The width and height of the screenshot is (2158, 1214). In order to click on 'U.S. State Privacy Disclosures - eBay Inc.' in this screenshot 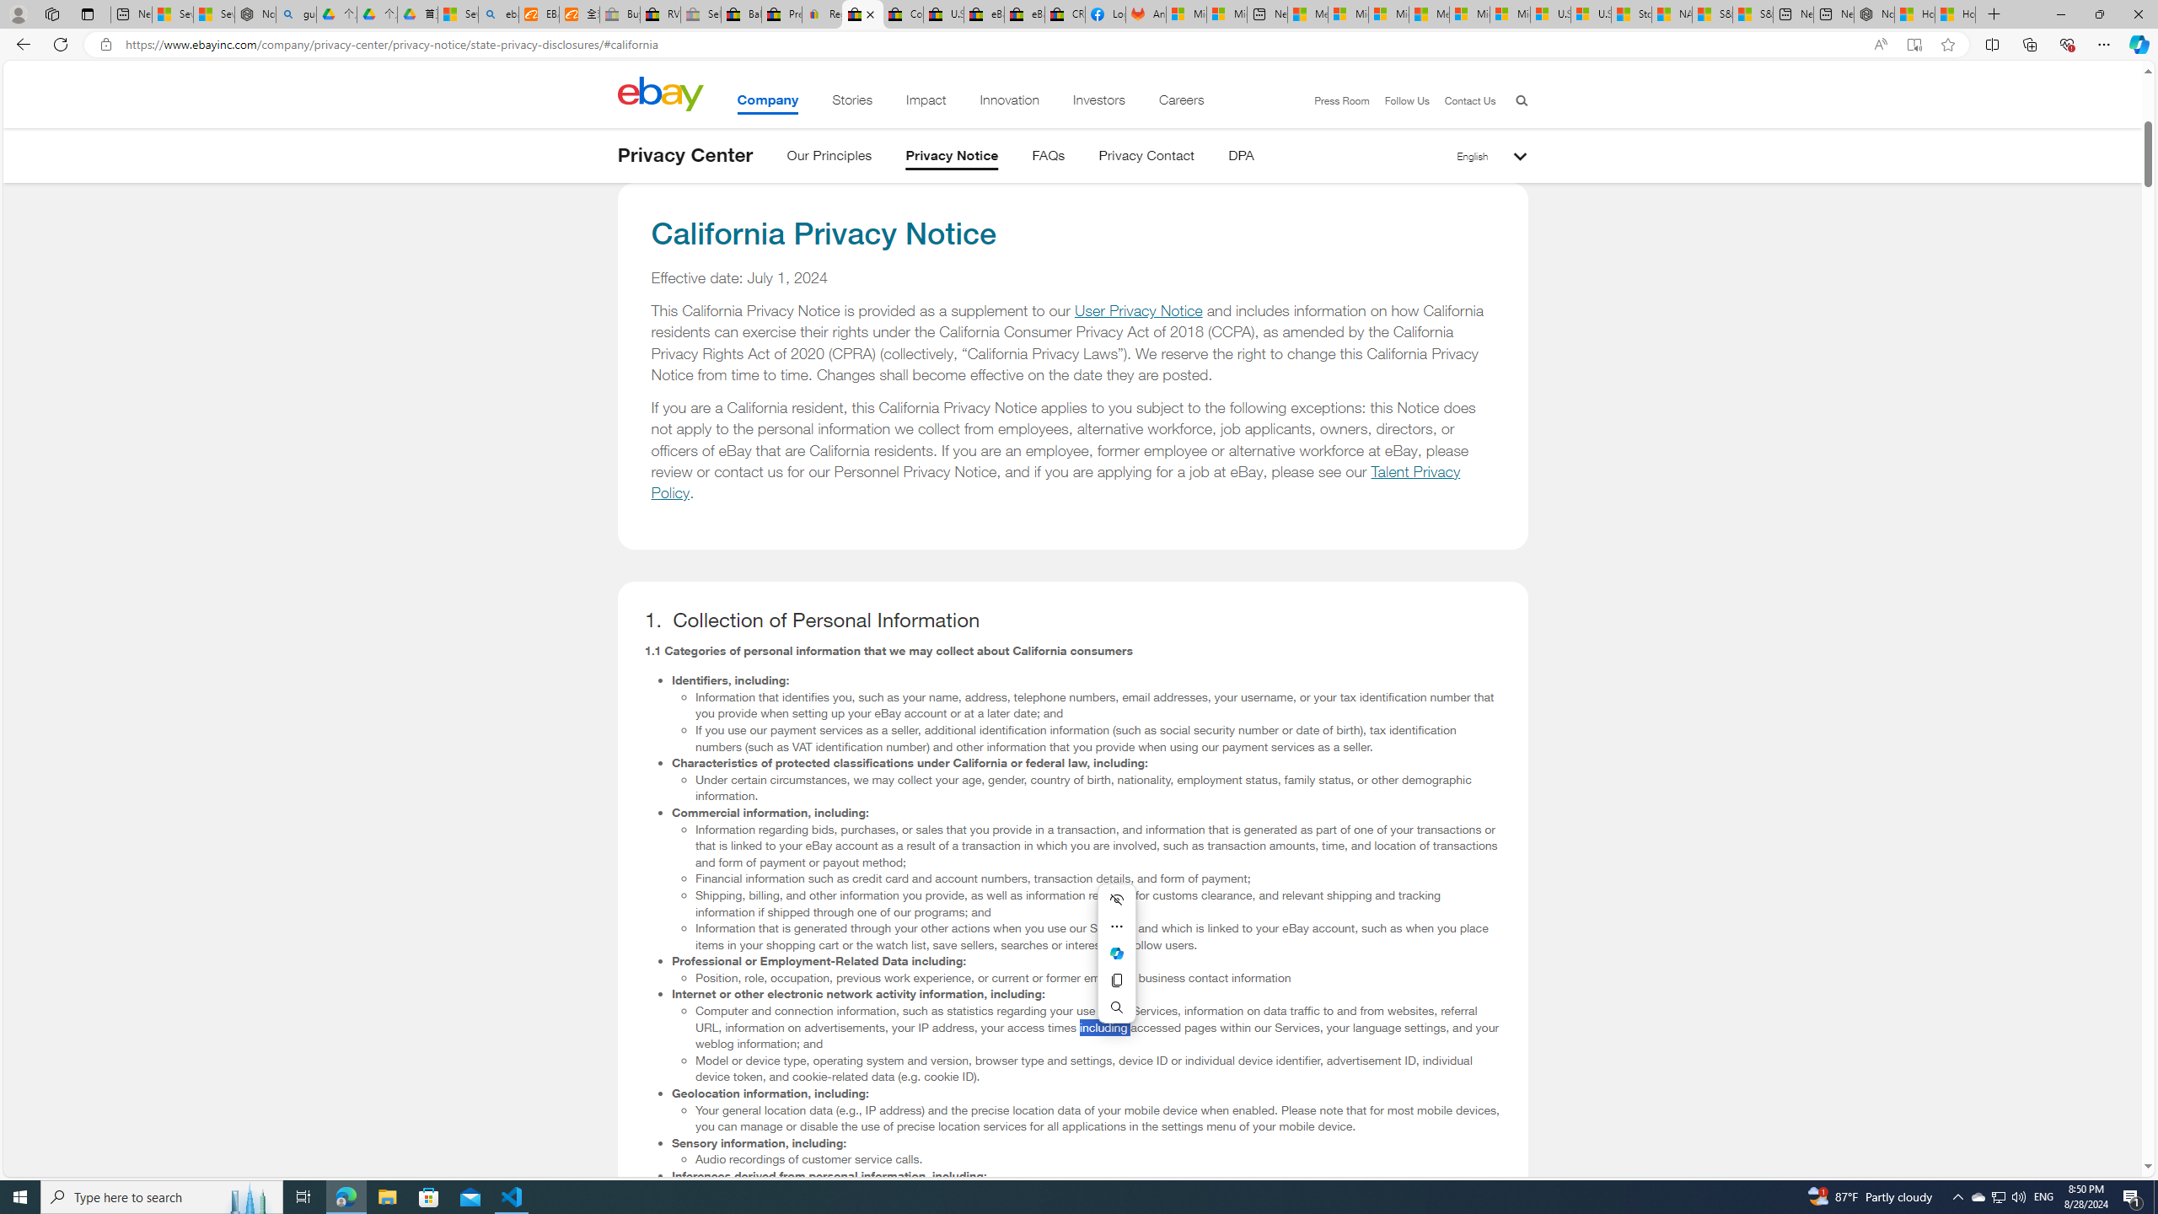, I will do `click(944, 13)`.